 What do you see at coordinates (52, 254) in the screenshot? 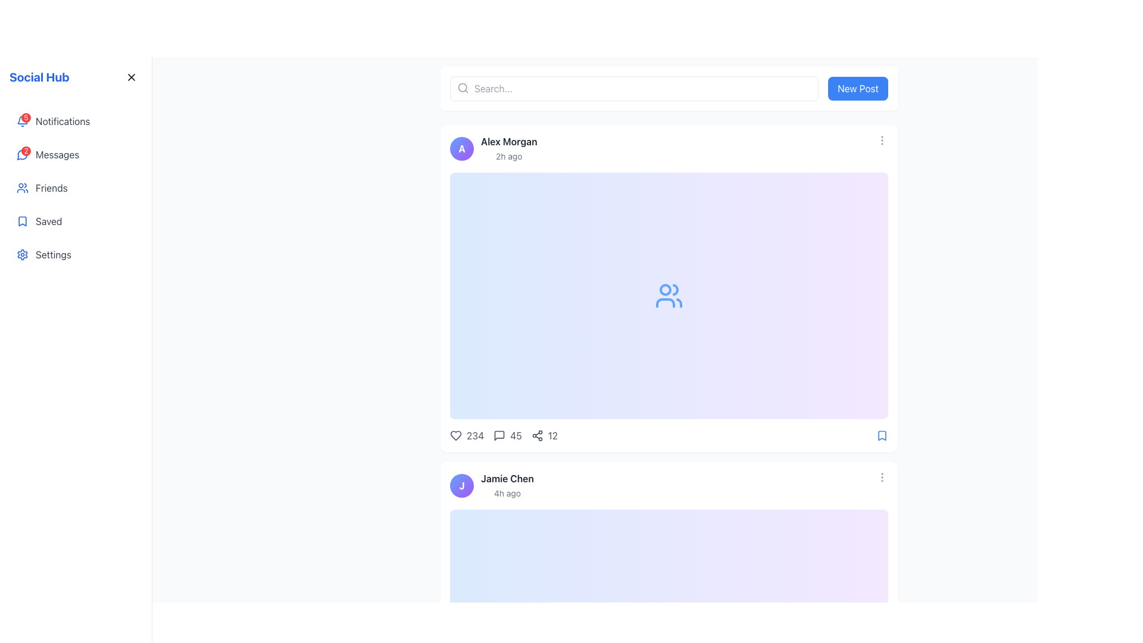
I see `the 'Settings' text label in the left sidebar menu, which indicates its purpose for navigation to the settings section` at bounding box center [52, 254].